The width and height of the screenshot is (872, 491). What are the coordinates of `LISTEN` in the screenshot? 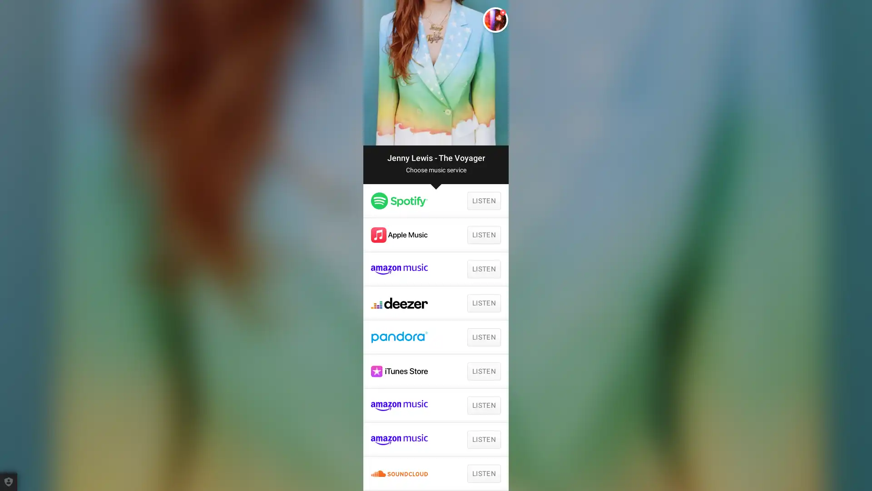 It's located at (483, 473).